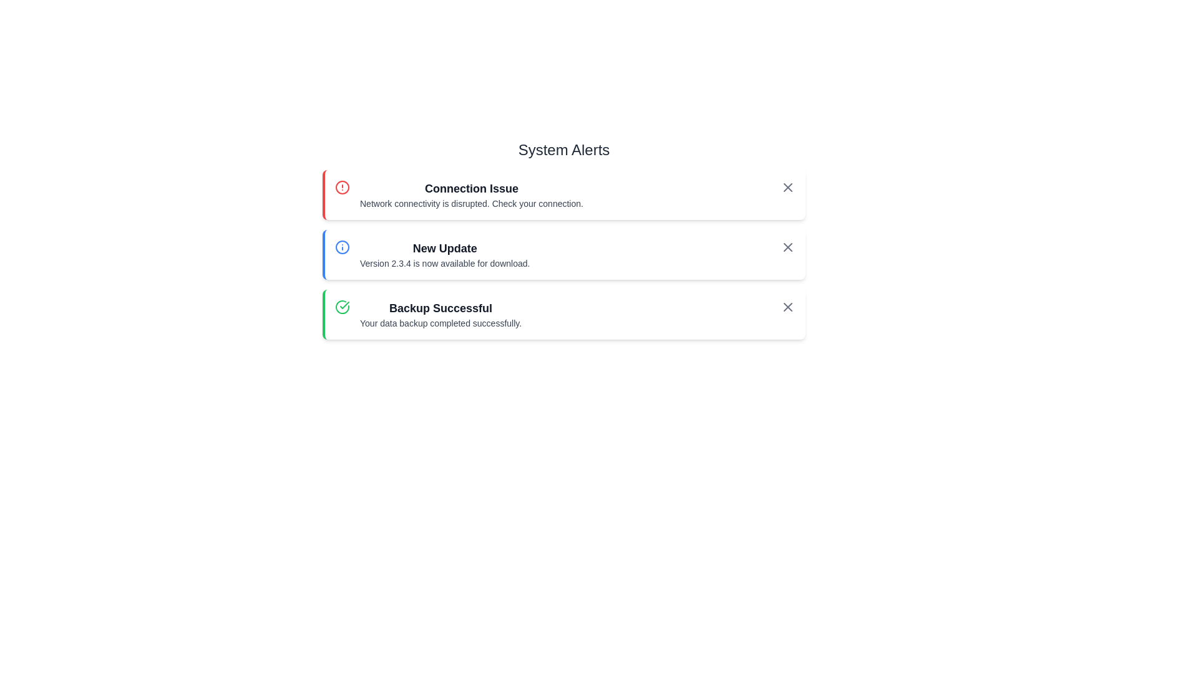 This screenshot has height=673, width=1198. What do you see at coordinates (342, 307) in the screenshot?
I see `the circular green outlined checkmark icon indicating a successful backup status, located at the leftmost side of the 'Backup Successful' notification card` at bounding box center [342, 307].